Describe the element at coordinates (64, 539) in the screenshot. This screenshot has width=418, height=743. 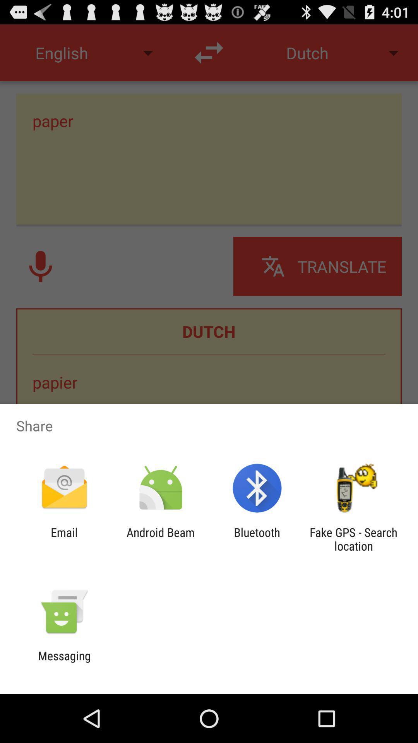
I see `email` at that location.